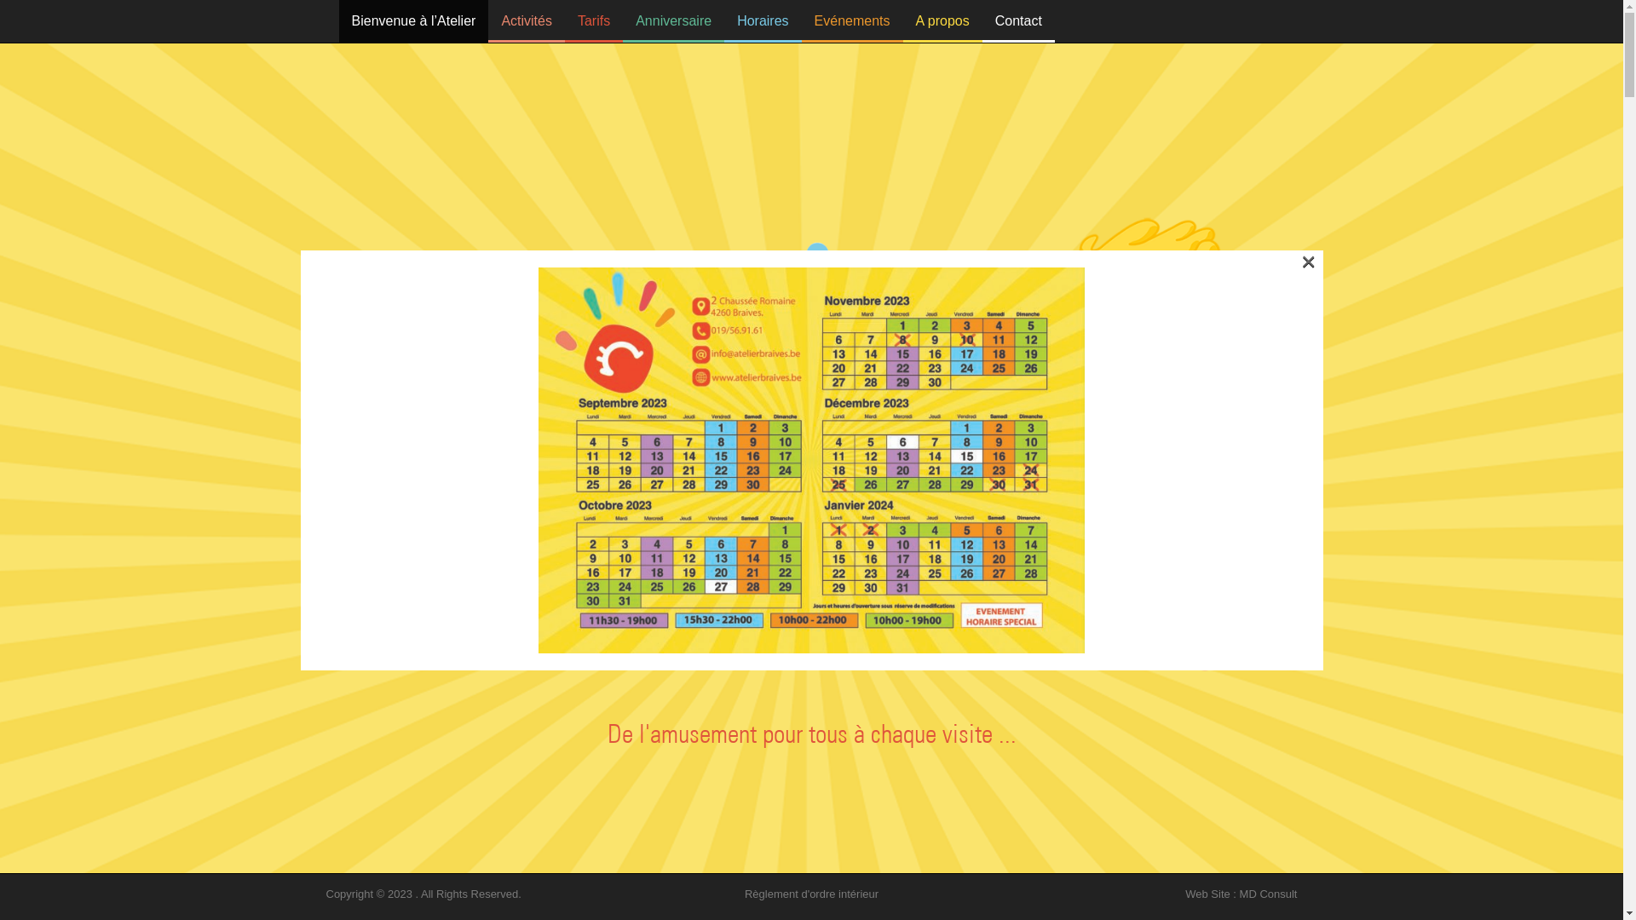 The width and height of the screenshot is (1636, 920). Describe the element at coordinates (761, 20) in the screenshot. I see `'Horaires'` at that location.